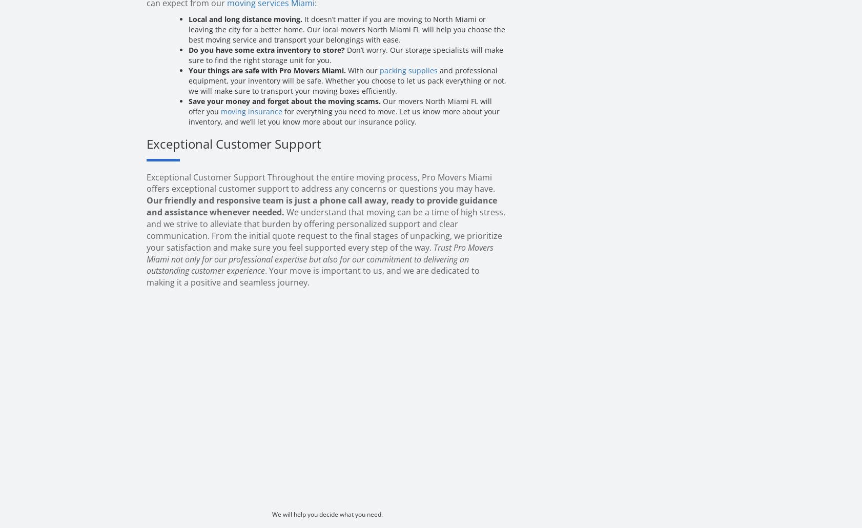 Image resolution: width=862 pixels, height=528 pixels. Describe the element at coordinates (340, 106) in the screenshot. I see `'Our movers North Miami FL will offer you'` at that location.